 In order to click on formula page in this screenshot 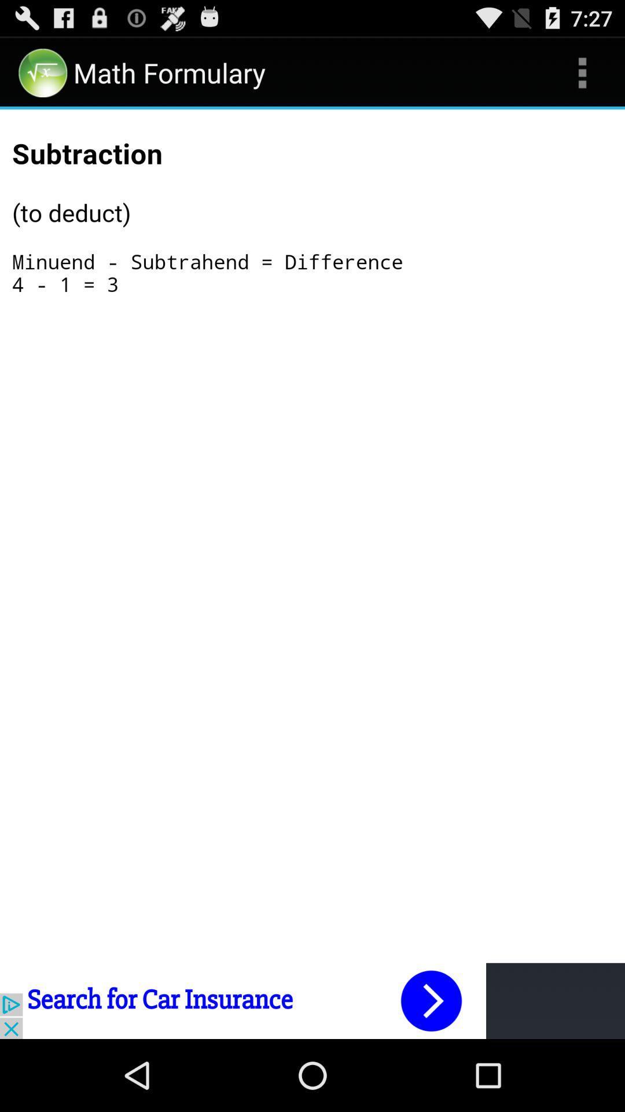, I will do `click(312, 233)`.